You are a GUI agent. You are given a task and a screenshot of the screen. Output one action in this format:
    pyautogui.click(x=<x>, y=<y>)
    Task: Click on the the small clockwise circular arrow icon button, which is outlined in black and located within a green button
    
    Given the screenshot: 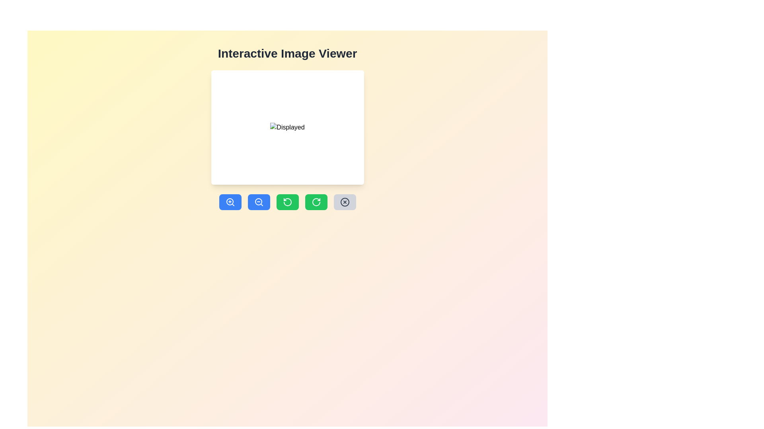 What is the action you would take?
    pyautogui.click(x=287, y=202)
    